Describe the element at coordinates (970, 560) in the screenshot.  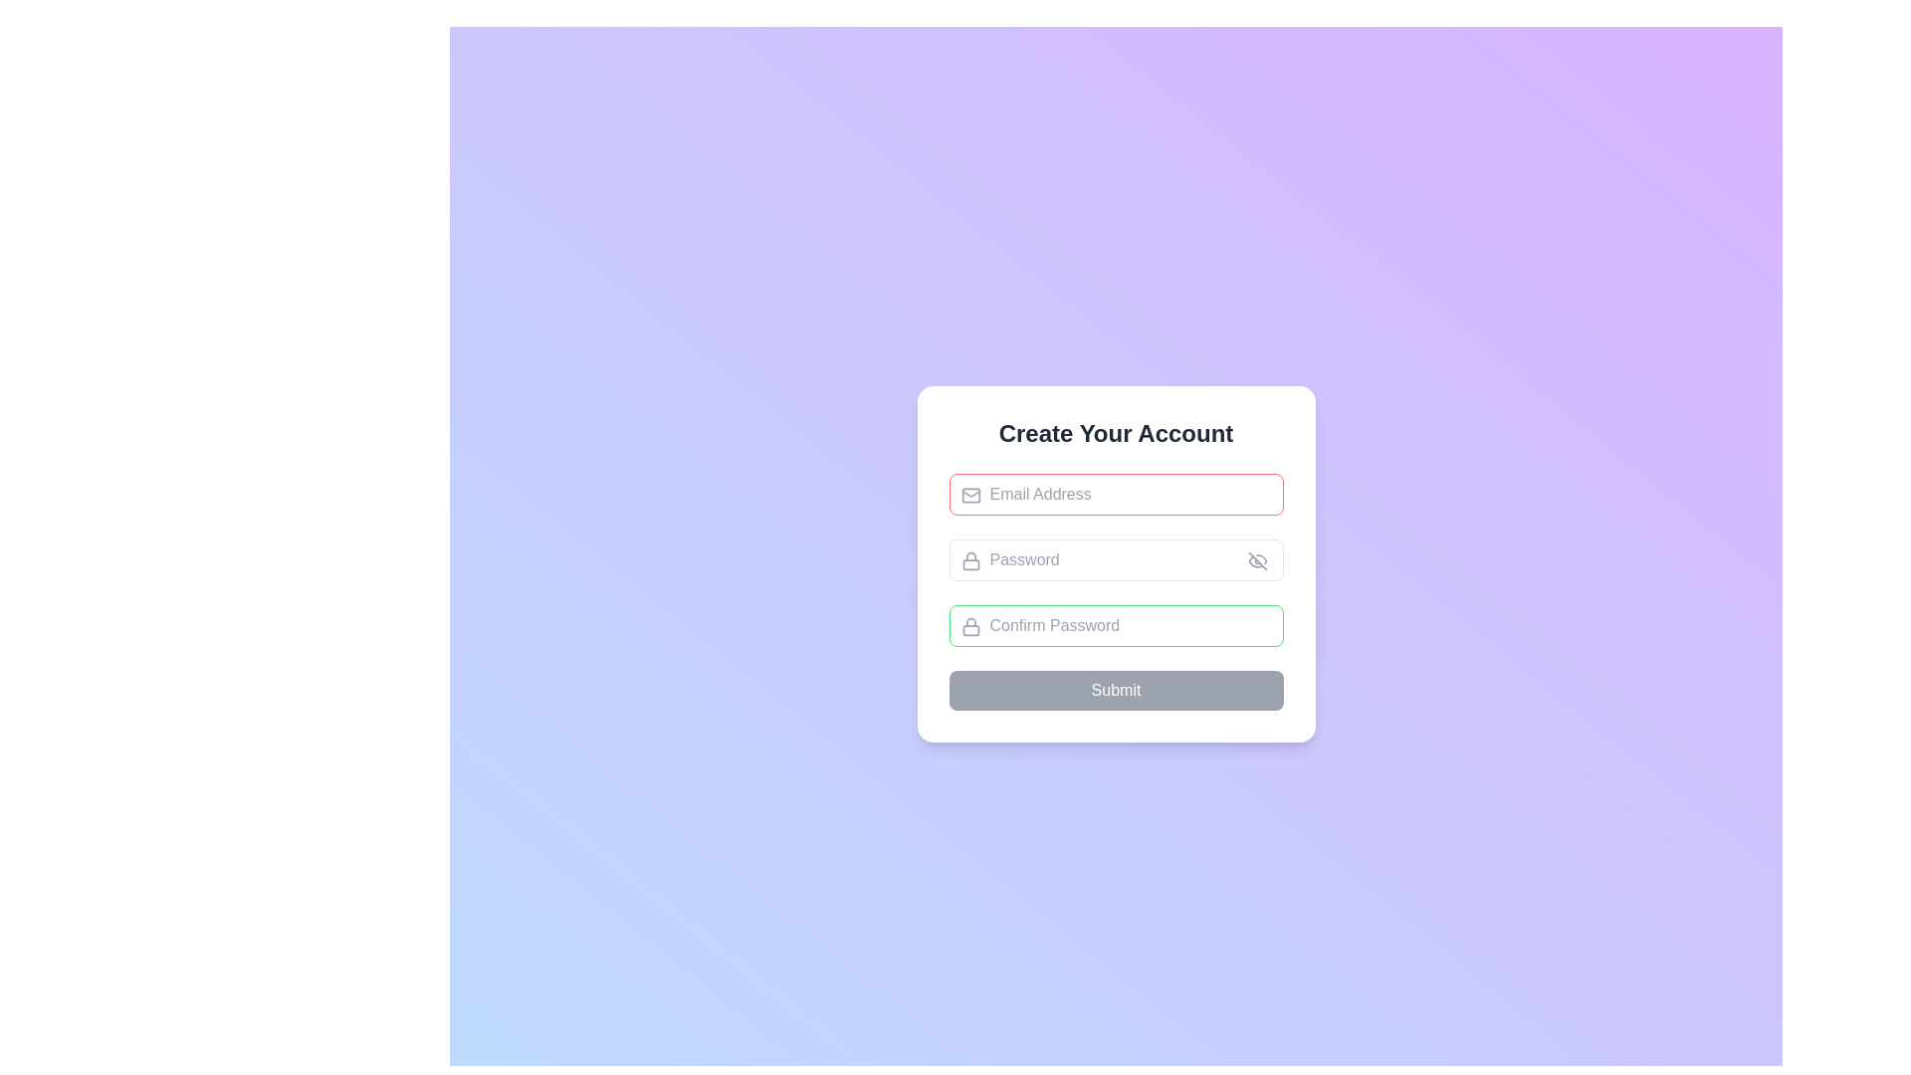
I see `the small metallic gray lock icon located to the left of the 'Password' text input field` at that location.